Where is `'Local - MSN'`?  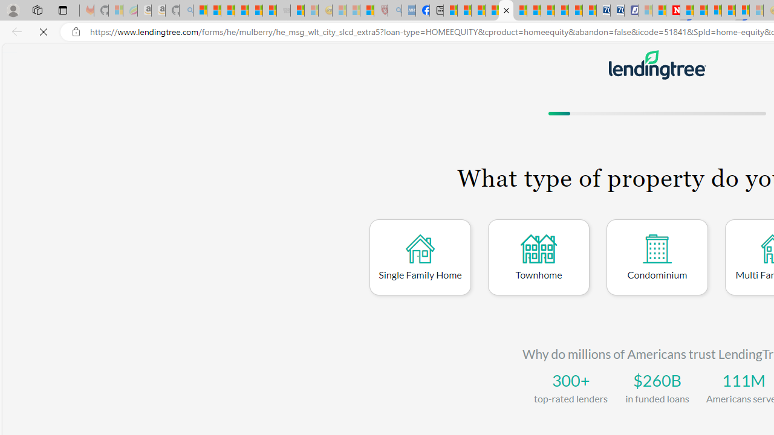 'Local - MSN' is located at coordinates (366, 10).